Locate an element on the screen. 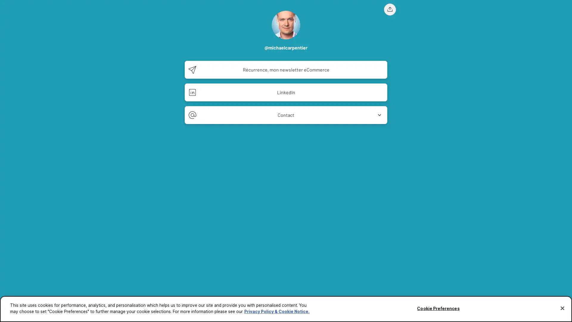 Image resolution: width=572 pixels, height=322 pixels. Contact Expand is located at coordinates (286, 115).